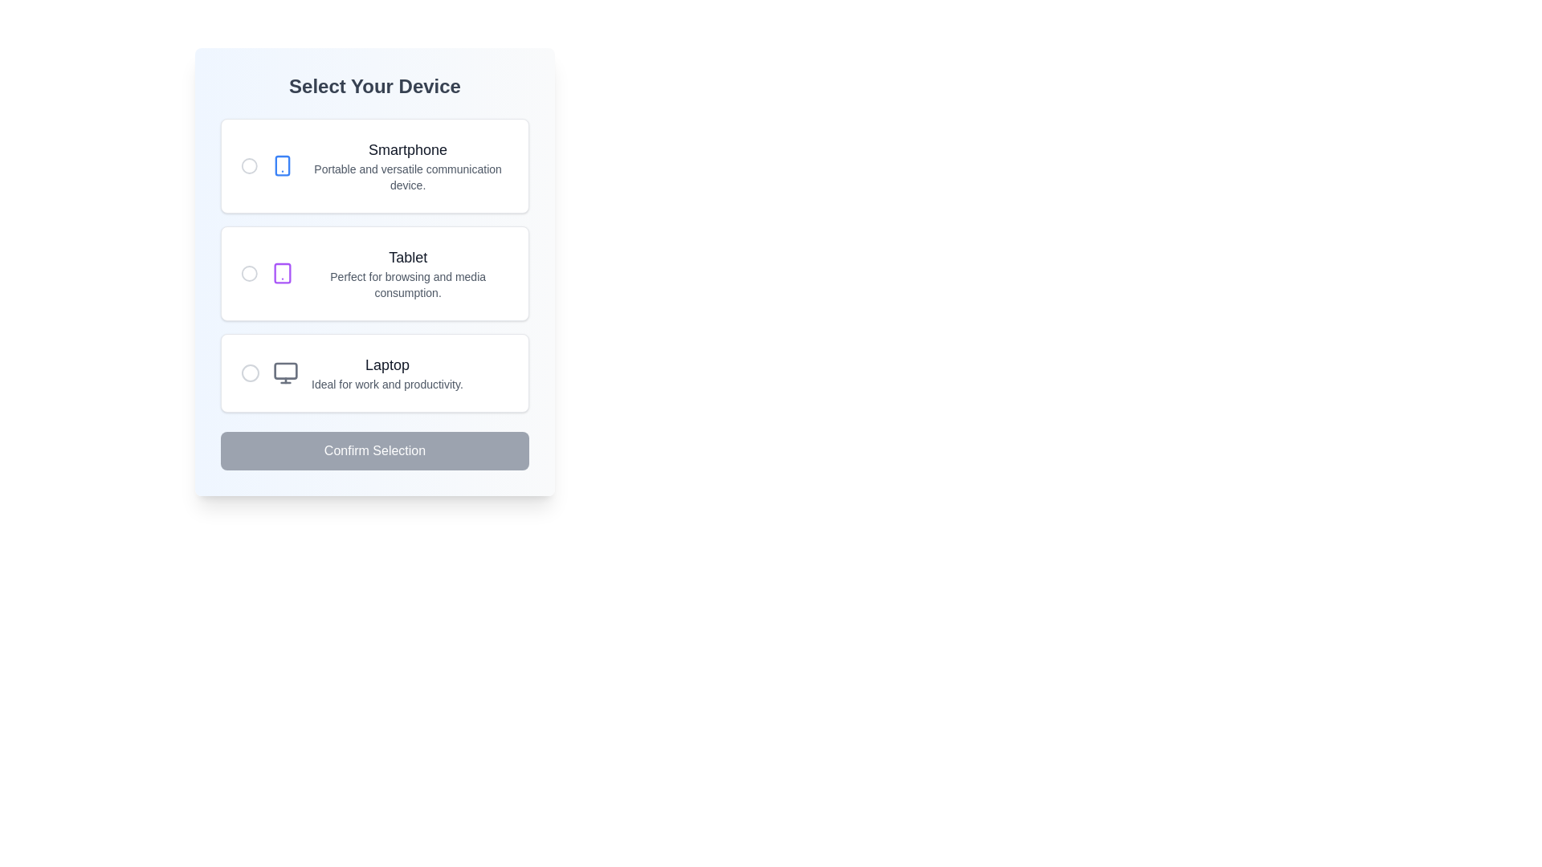 This screenshot has height=867, width=1542. I want to click on the center of the circular radio button for the 'Tablet' option under 'Select Your Device', so click(248, 272).